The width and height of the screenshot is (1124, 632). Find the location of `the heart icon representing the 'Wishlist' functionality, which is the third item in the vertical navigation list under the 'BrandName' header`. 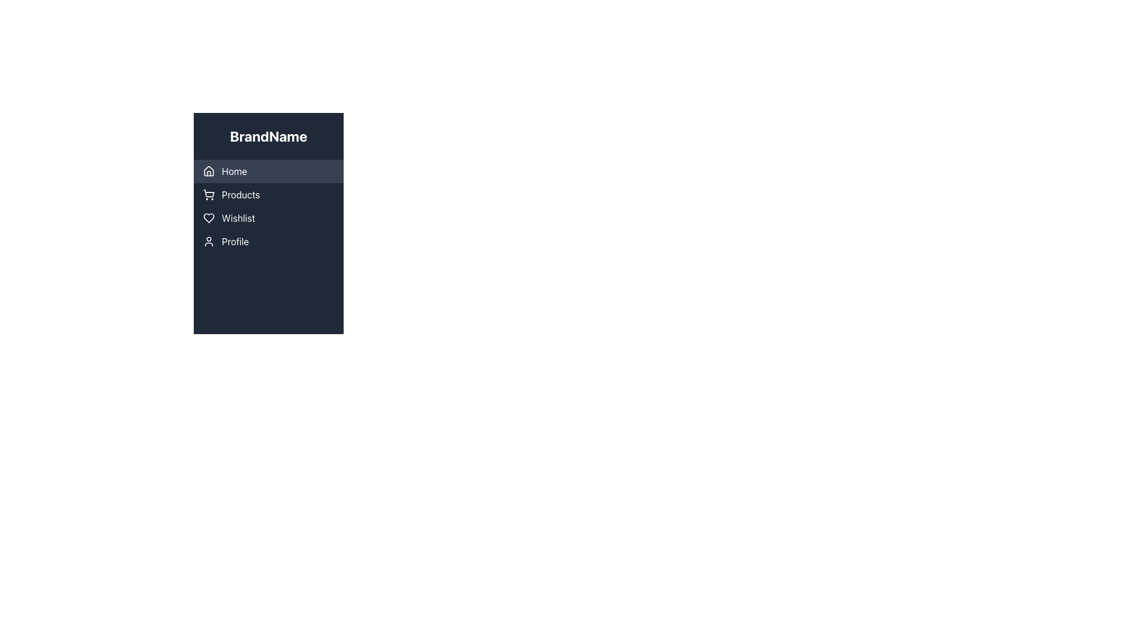

the heart icon representing the 'Wishlist' functionality, which is the third item in the vertical navigation list under the 'BrandName' header is located at coordinates (208, 218).